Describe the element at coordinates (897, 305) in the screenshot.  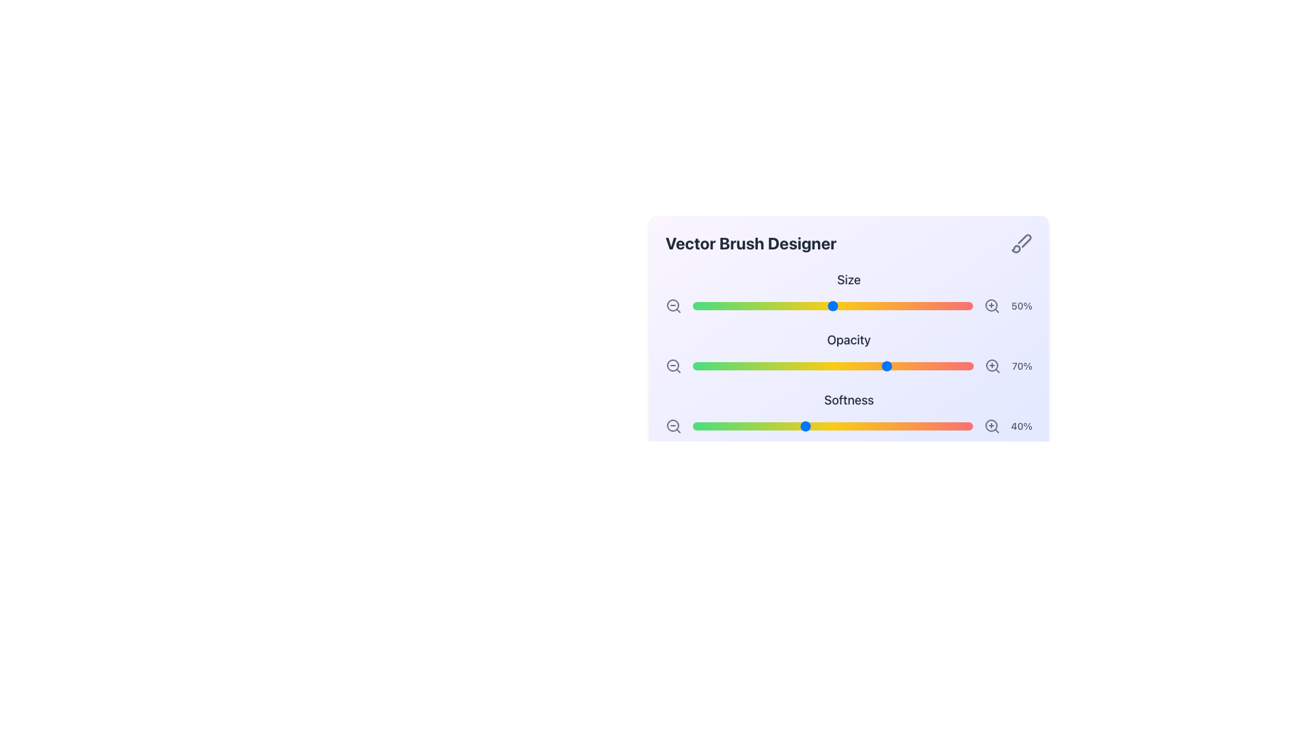
I see `the slider value` at that location.